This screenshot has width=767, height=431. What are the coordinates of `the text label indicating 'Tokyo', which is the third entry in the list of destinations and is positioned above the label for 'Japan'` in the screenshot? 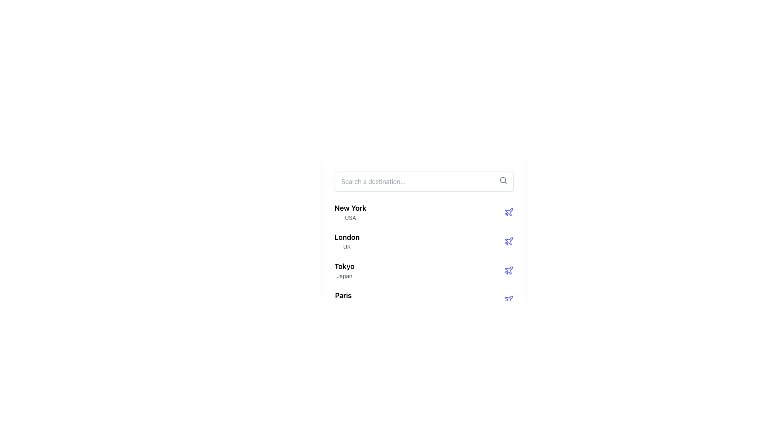 It's located at (344, 266).